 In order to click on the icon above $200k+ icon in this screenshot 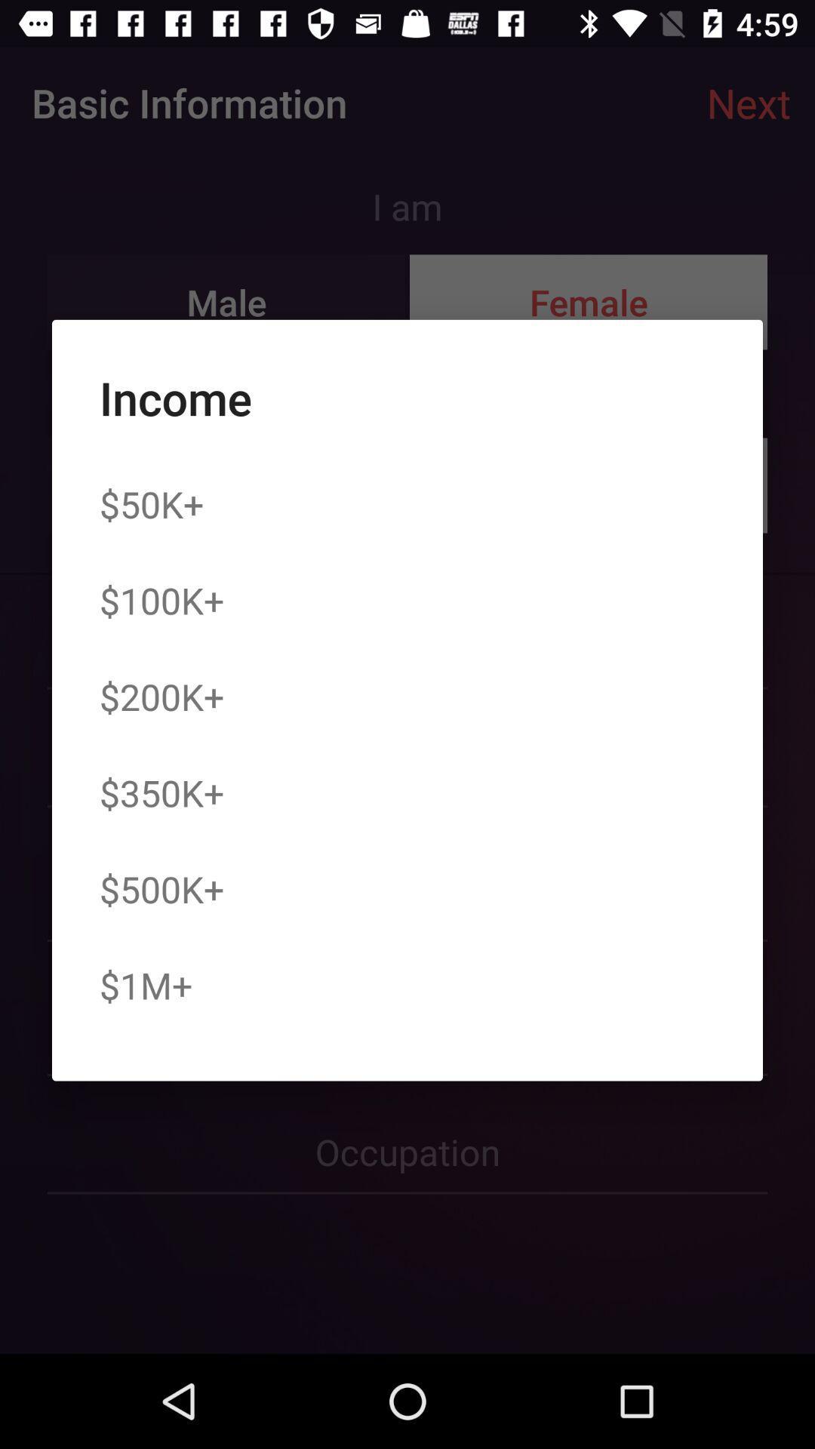, I will do `click(161, 599)`.